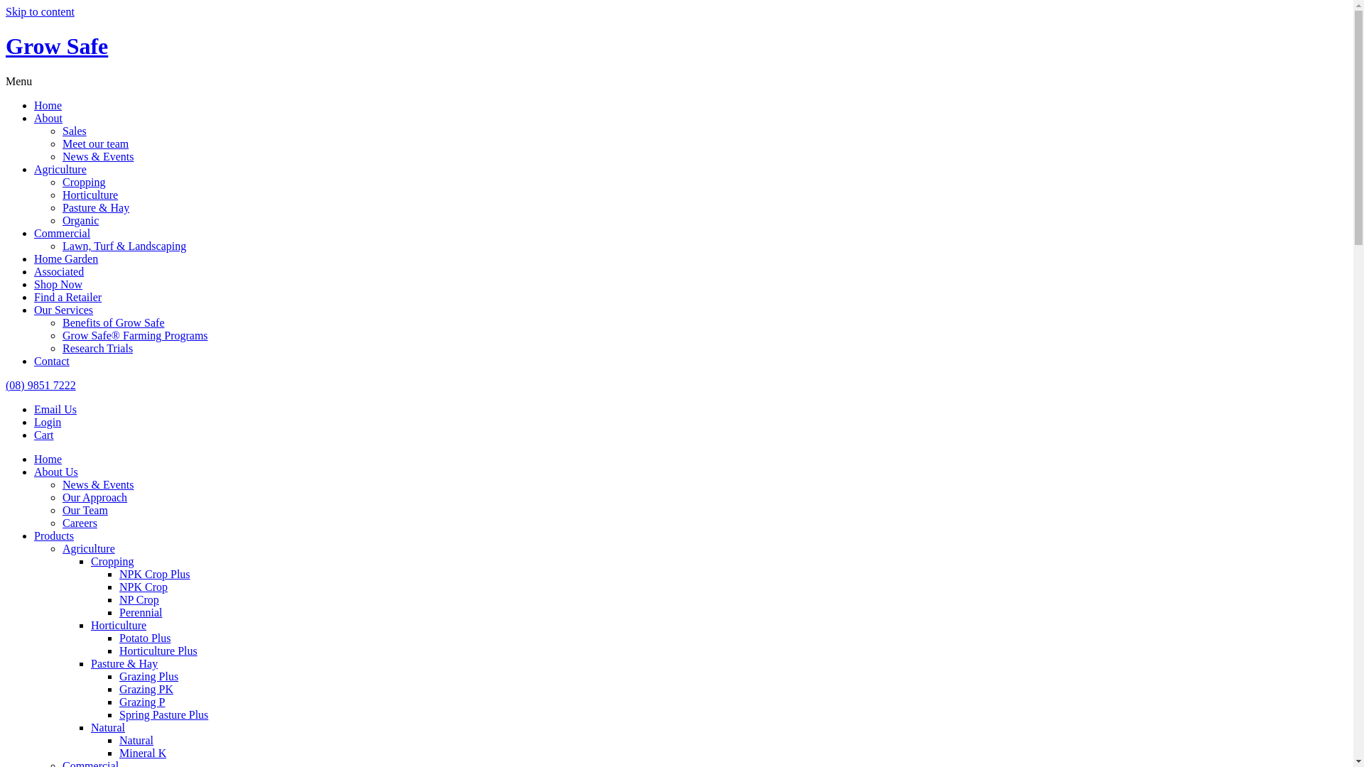  What do you see at coordinates (85, 509) in the screenshot?
I see `'Our Team'` at bounding box center [85, 509].